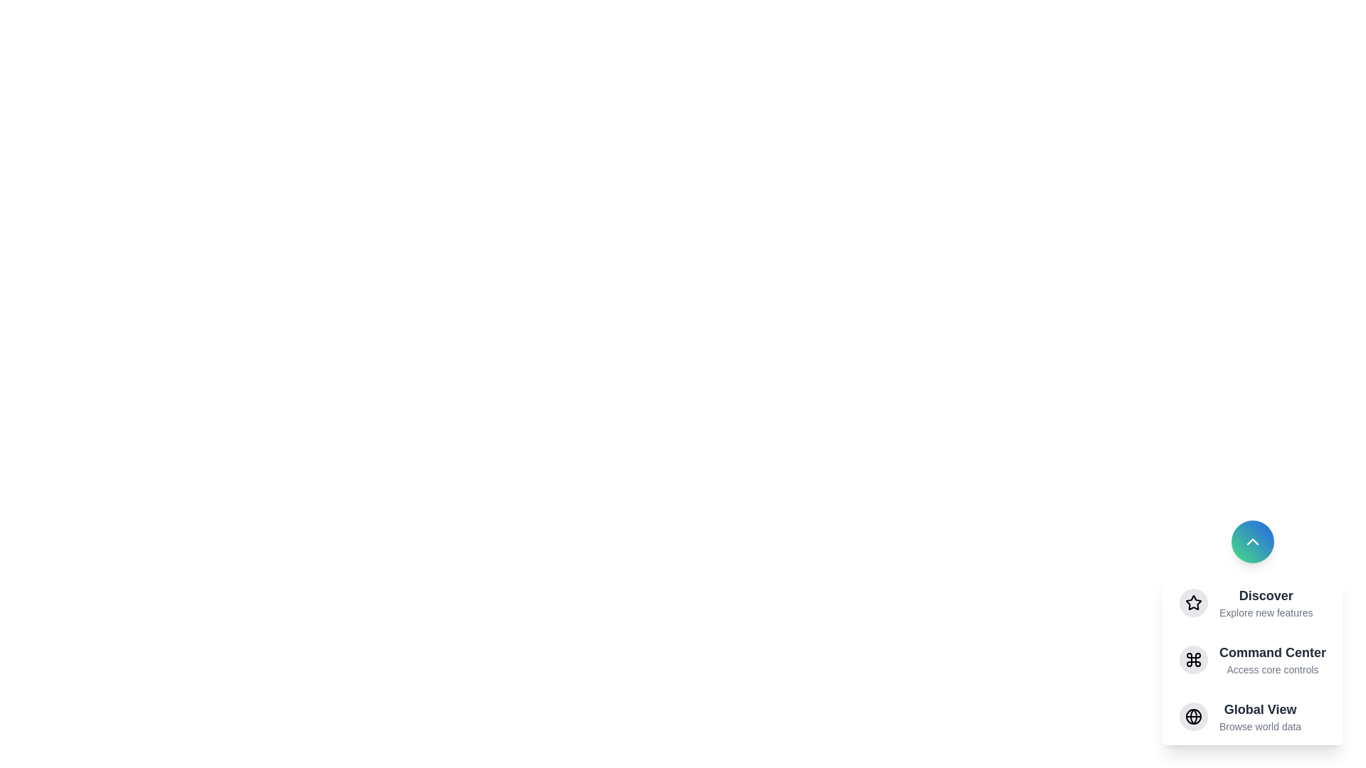  What do you see at coordinates (1253, 660) in the screenshot?
I see `the menu item Command Center to observe its hover effect` at bounding box center [1253, 660].